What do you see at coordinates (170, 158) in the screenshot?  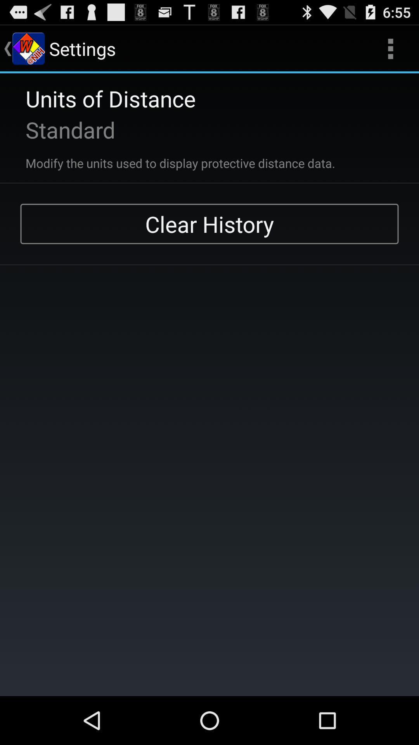 I see `the item below the standard app` at bounding box center [170, 158].